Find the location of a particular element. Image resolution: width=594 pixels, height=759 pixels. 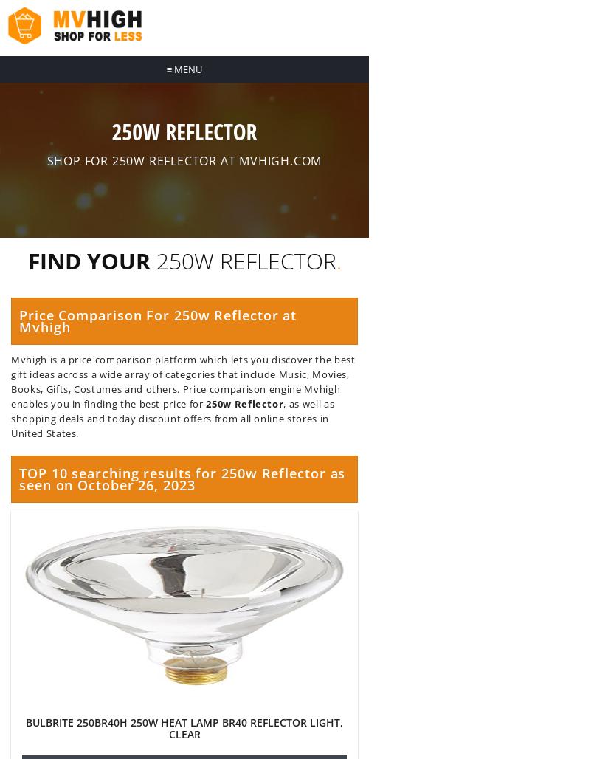

'.' is located at coordinates (334, 260).